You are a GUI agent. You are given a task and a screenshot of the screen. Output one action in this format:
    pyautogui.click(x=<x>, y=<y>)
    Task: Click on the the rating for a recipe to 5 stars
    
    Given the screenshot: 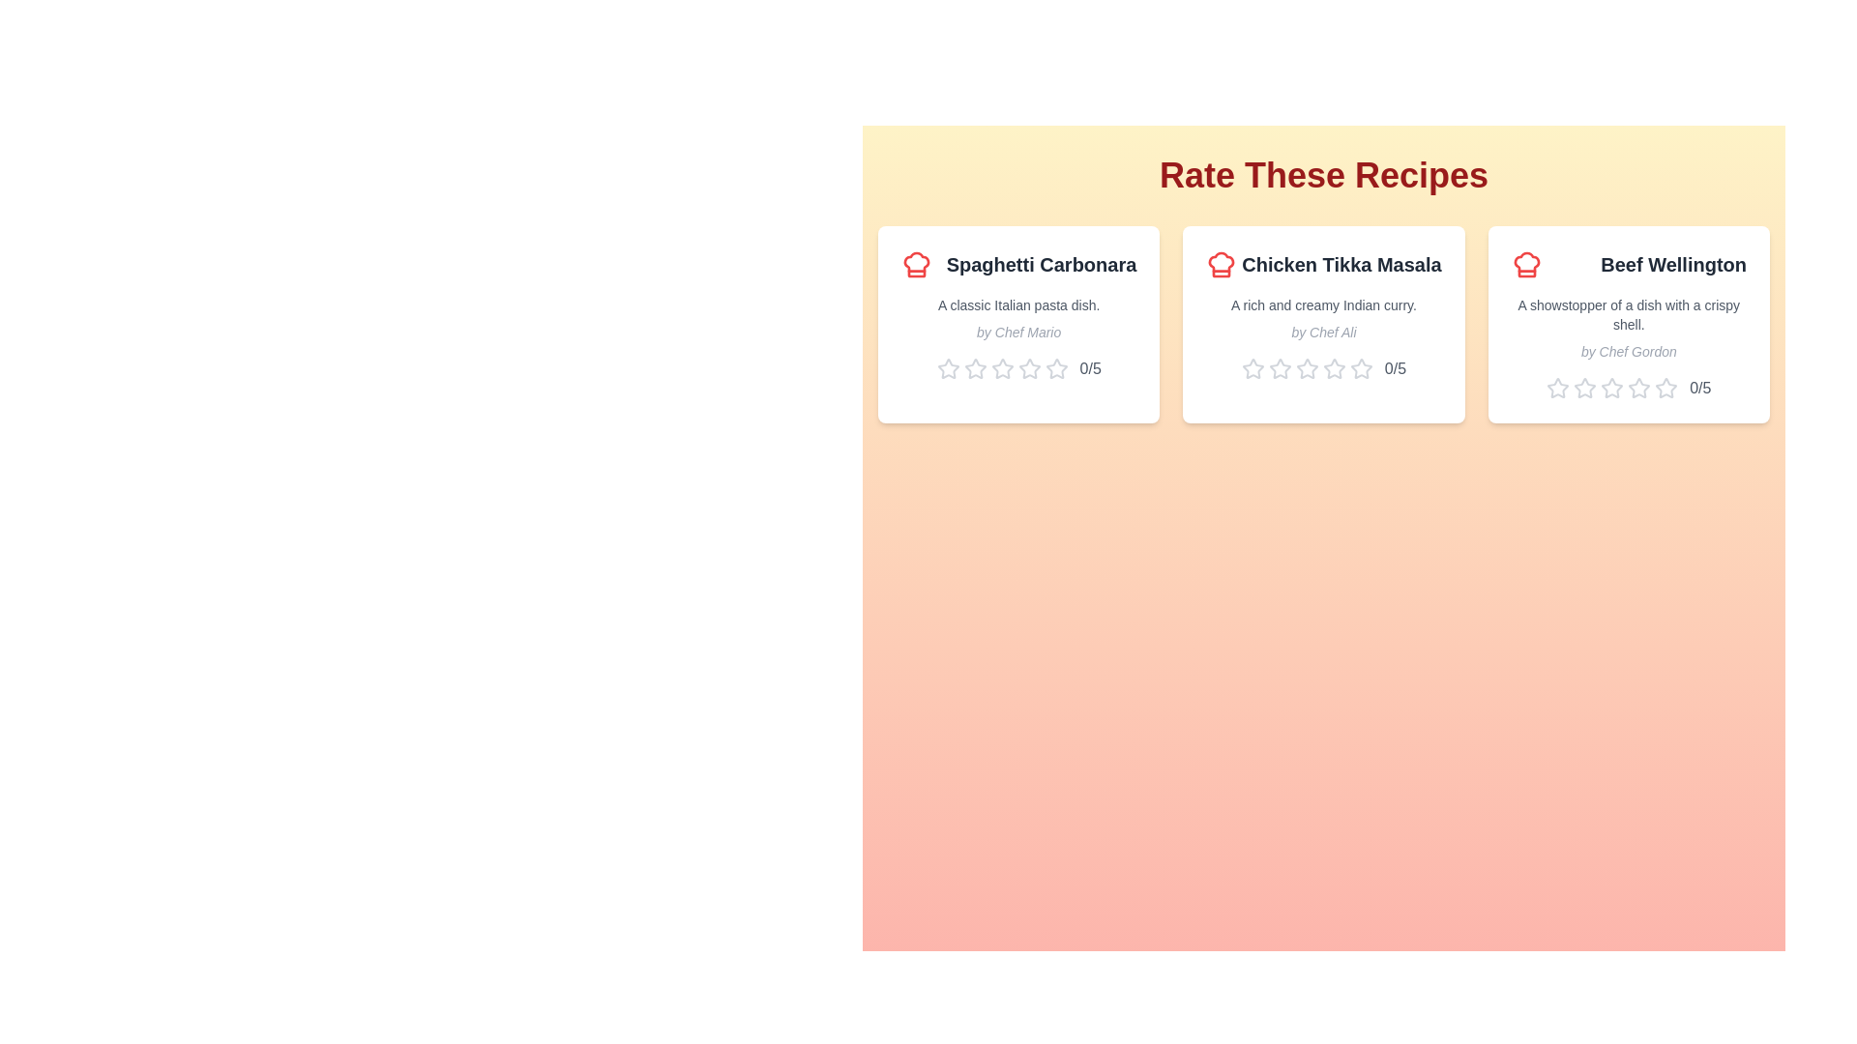 What is the action you would take?
    pyautogui.click(x=1055, y=368)
    